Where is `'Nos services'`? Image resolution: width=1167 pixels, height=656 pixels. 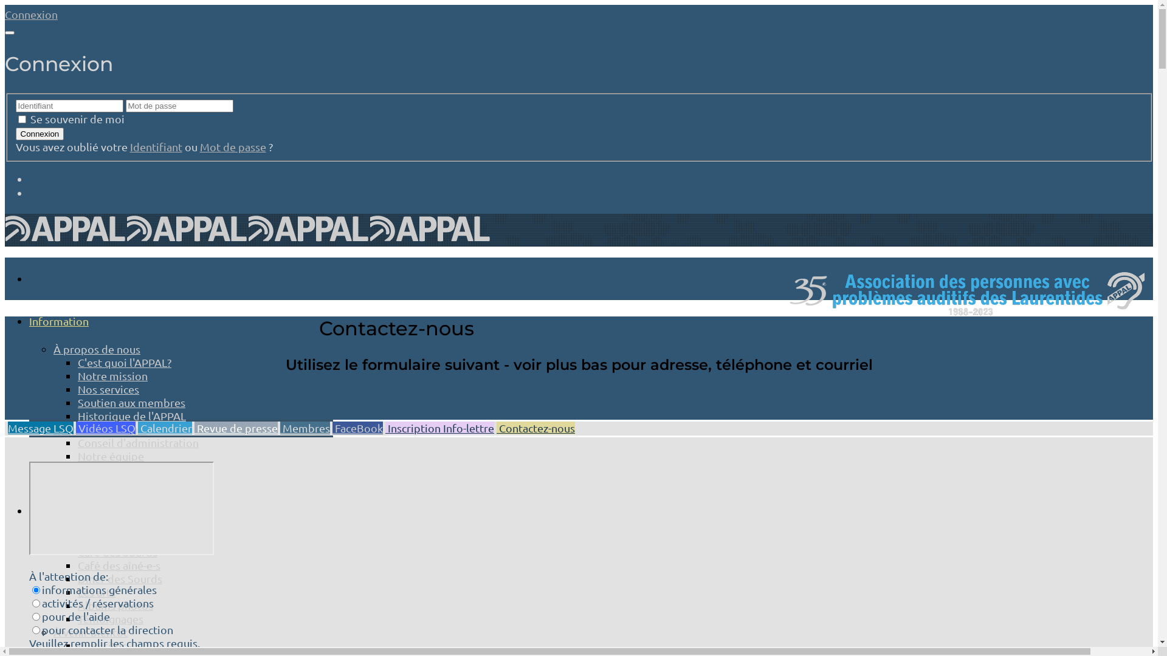 'Nos services' is located at coordinates (108, 389).